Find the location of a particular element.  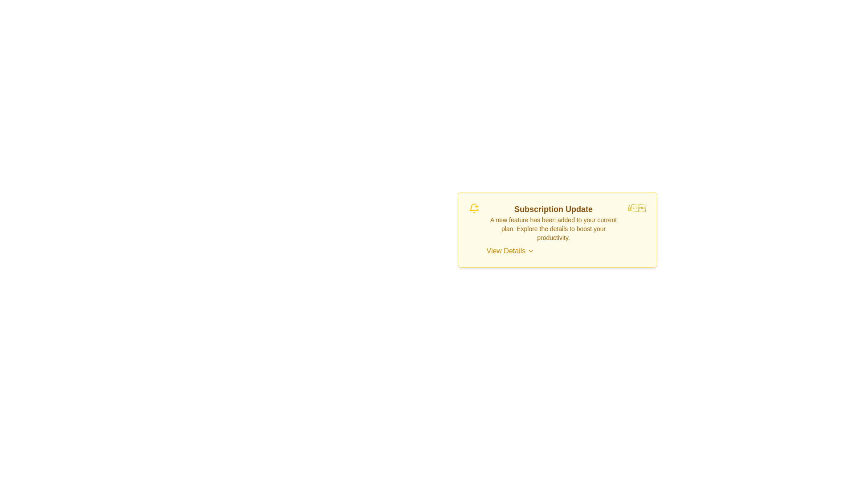

'View Details' button to explore more information is located at coordinates (510, 251).